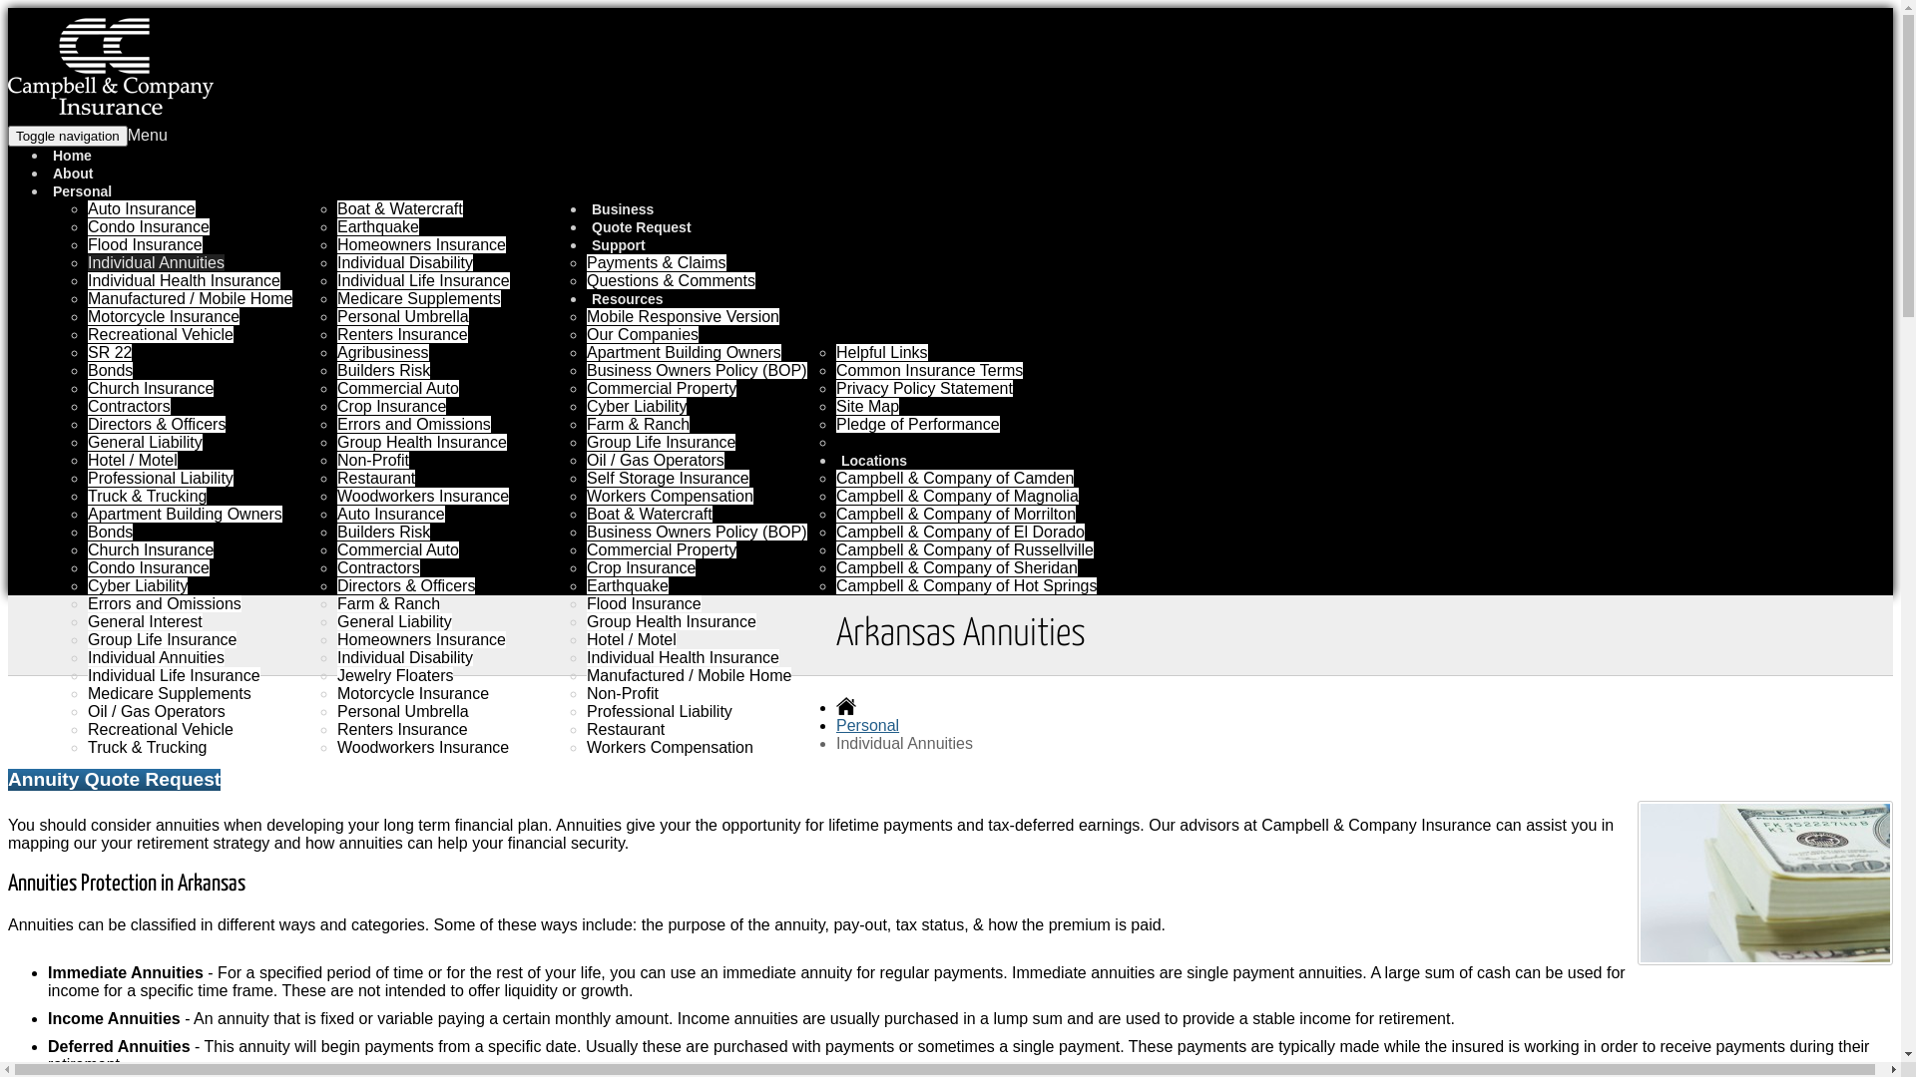 The width and height of the screenshot is (1916, 1077). Describe the element at coordinates (404, 261) in the screenshot. I see `'Individual Disability'` at that location.